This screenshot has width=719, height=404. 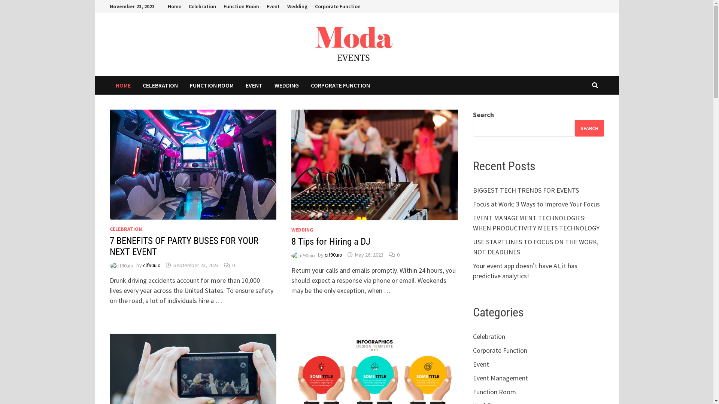 What do you see at coordinates (291, 241) in the screenshot?
I see `'8 Tips for Hiring a DJ'` at bounding box center [291, 241].